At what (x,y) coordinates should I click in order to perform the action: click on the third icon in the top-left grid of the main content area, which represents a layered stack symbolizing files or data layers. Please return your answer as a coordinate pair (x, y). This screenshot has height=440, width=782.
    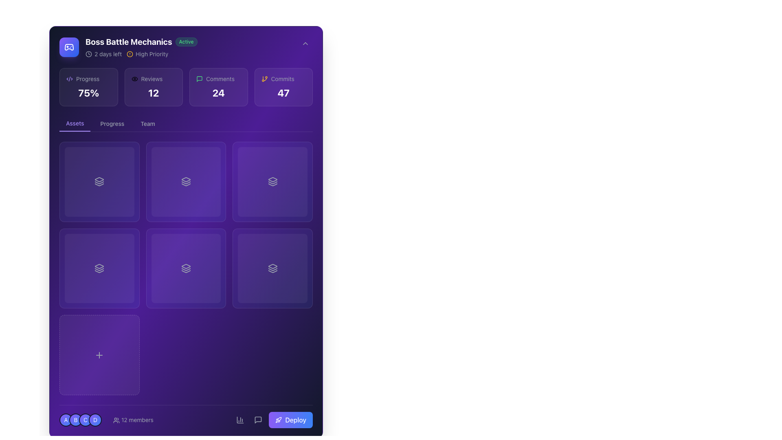
    Looking at the image, I should click on (99, 185).